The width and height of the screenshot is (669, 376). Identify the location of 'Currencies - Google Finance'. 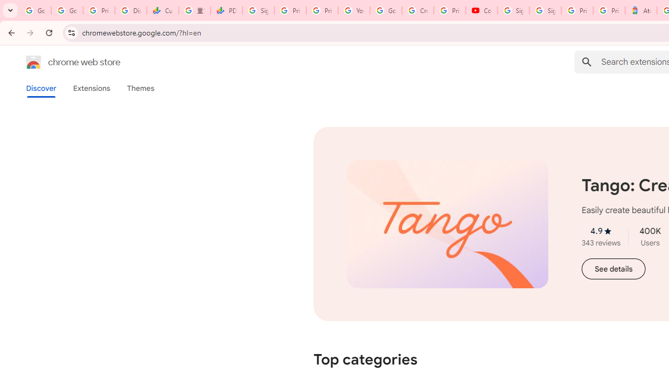
(162, 10).